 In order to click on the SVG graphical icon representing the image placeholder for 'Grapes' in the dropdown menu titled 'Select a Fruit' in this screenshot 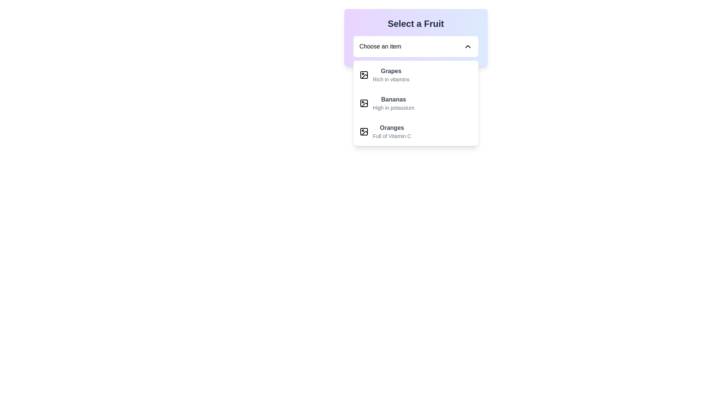, I will do `click(364, 75)`.